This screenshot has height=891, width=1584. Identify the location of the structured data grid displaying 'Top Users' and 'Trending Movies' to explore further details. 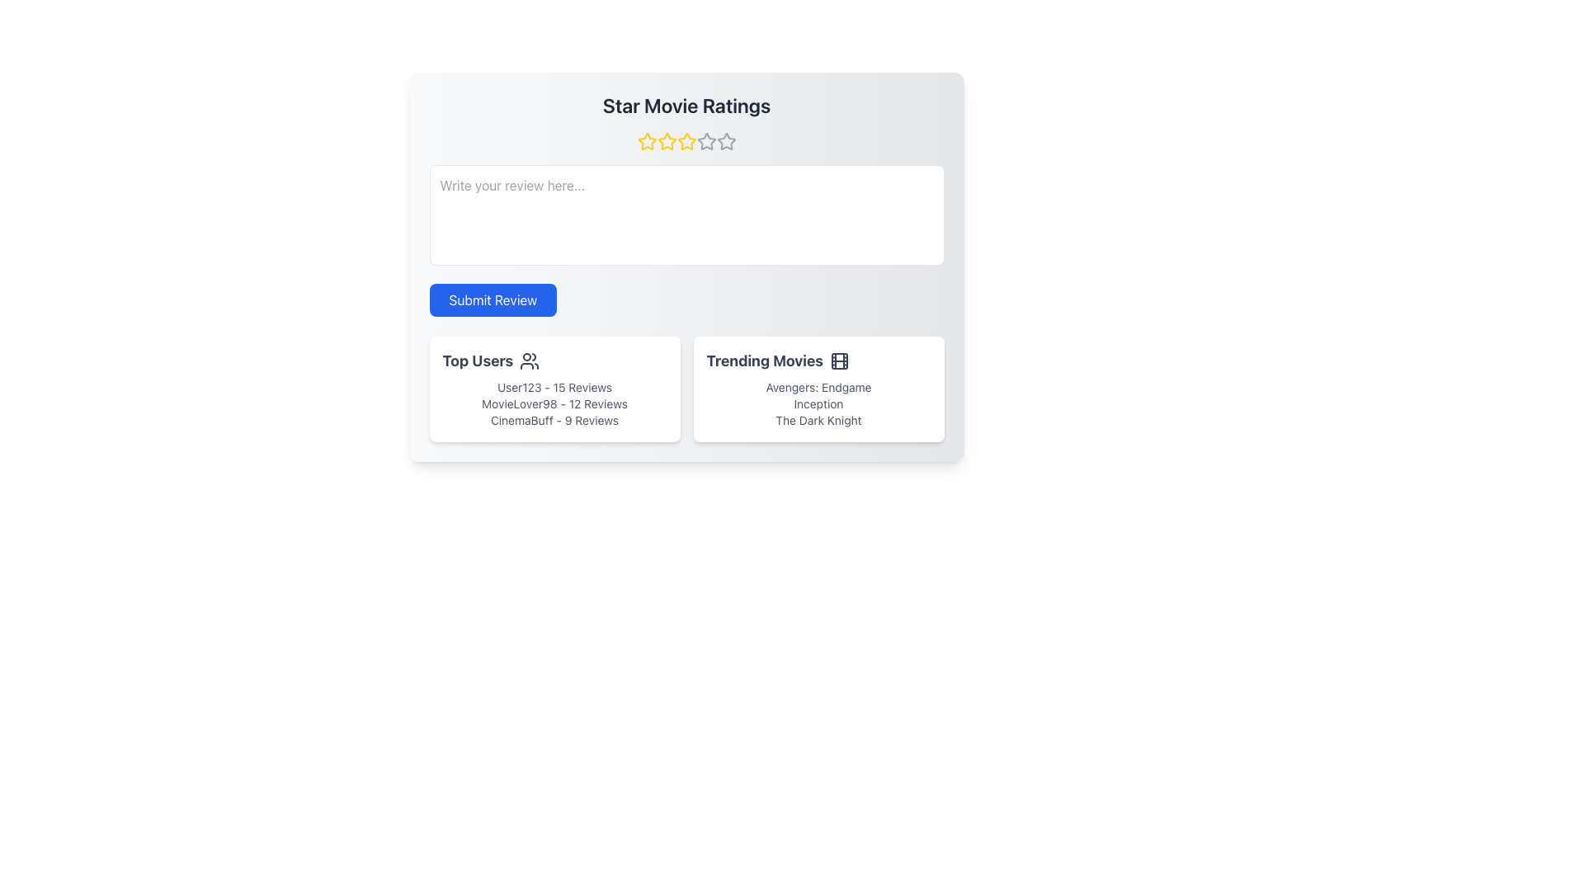
(686, 389).